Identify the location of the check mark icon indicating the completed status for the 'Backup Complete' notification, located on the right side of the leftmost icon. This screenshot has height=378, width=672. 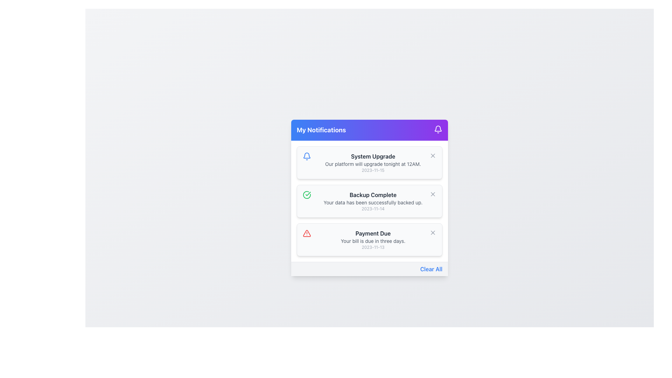
(308, 194).